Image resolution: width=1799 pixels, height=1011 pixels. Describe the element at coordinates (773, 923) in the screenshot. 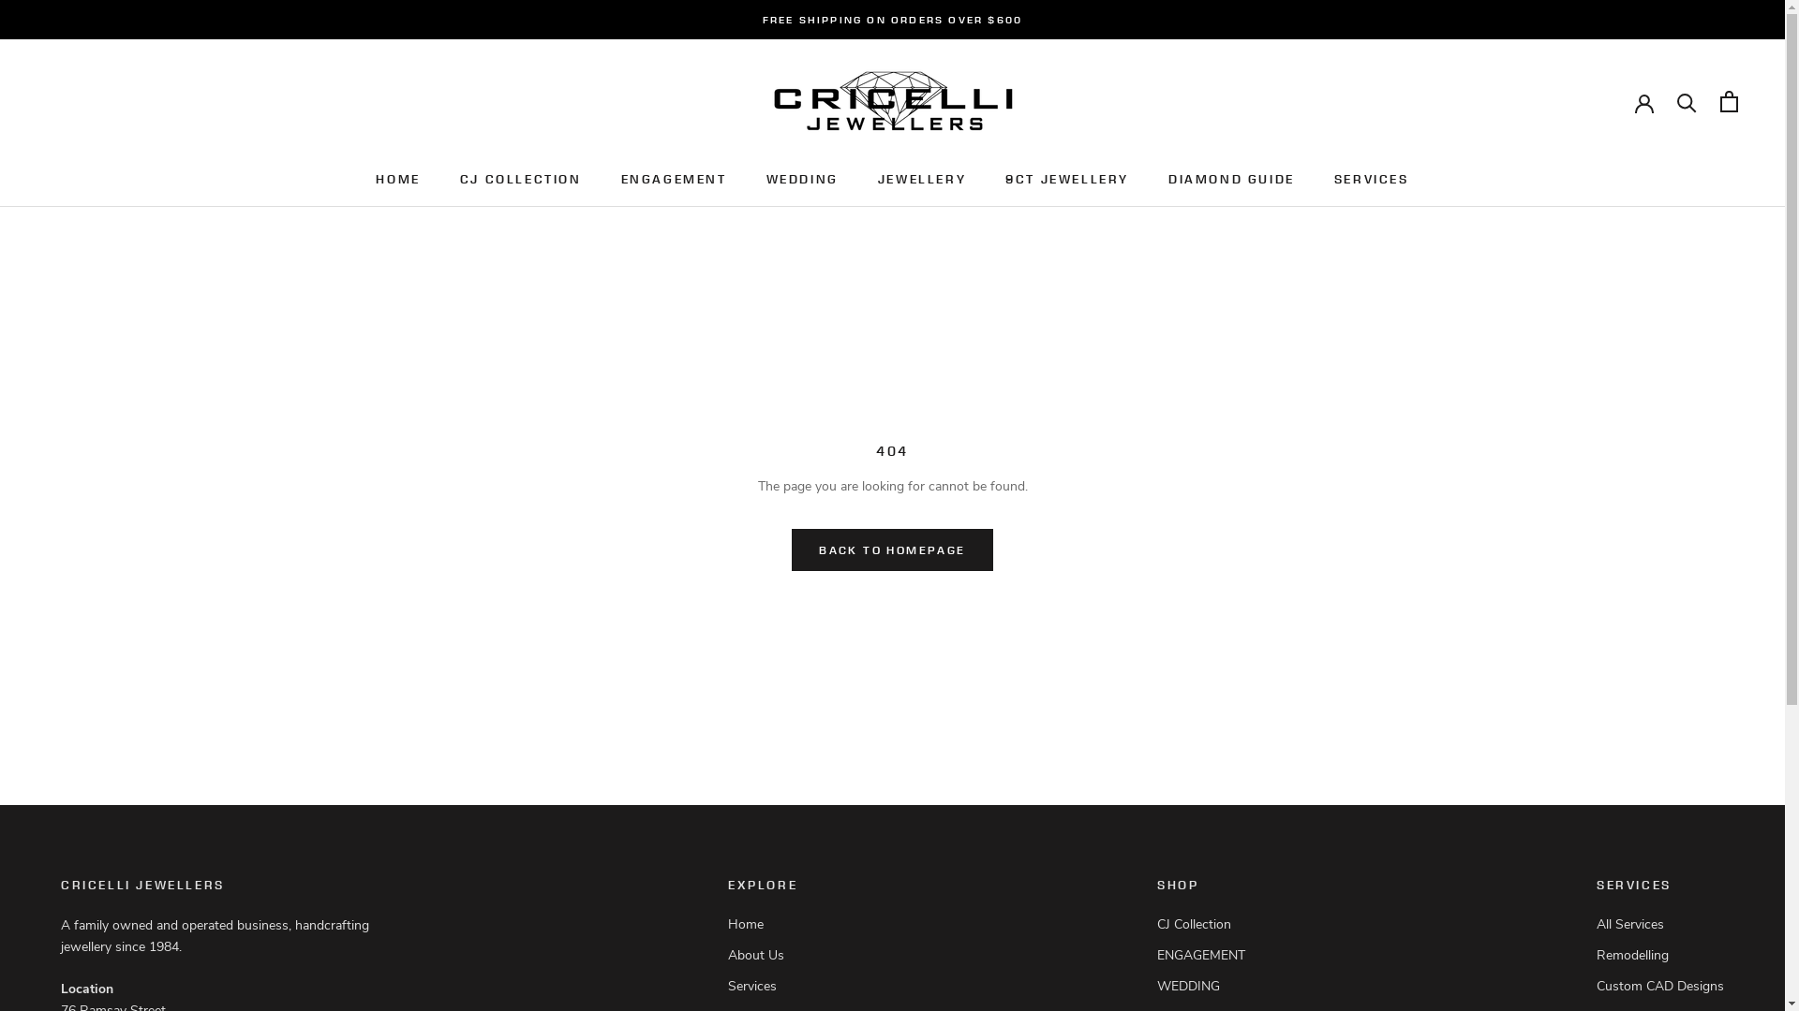

I see `'Home'` at that location.